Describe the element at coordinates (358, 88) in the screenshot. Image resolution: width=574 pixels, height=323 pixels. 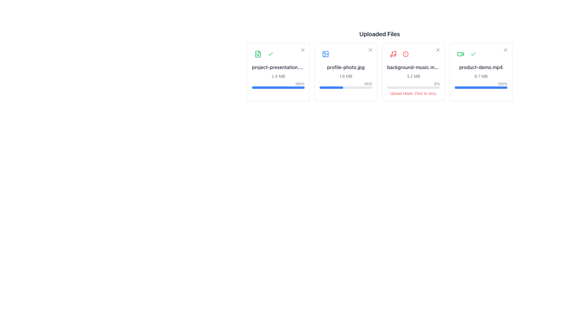
I see `progress bar value` at that location.